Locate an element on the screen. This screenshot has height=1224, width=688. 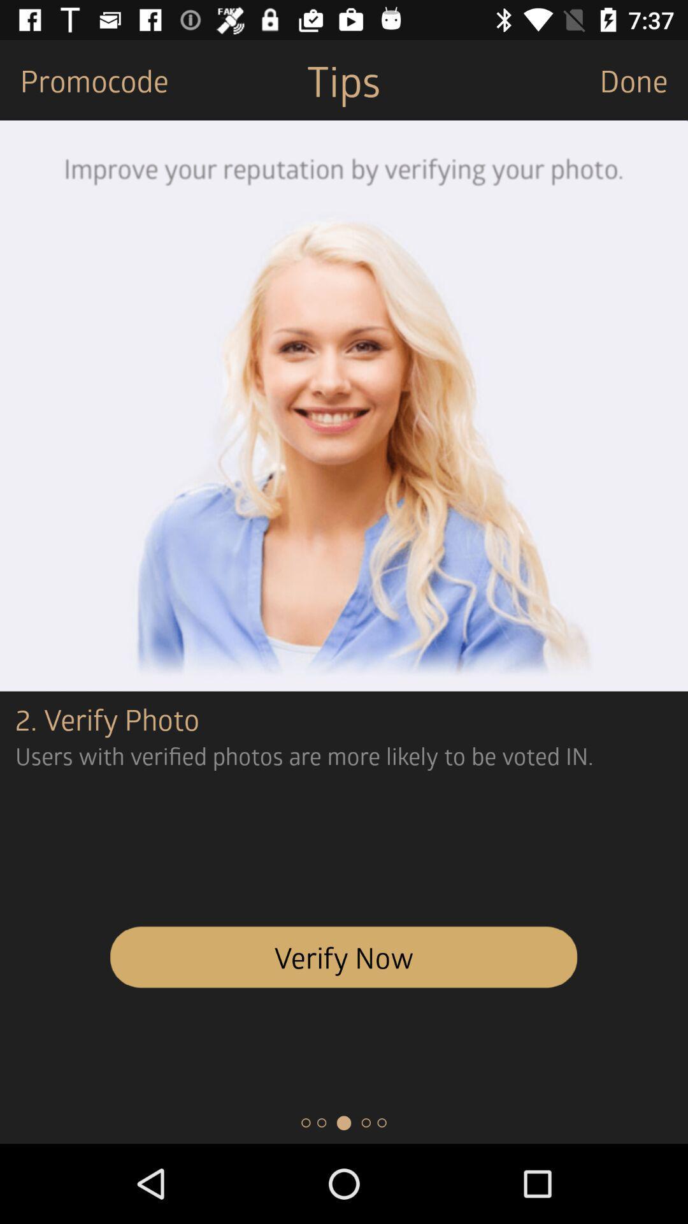
icon to the left of the done icon is located at coordinates (343, 79).